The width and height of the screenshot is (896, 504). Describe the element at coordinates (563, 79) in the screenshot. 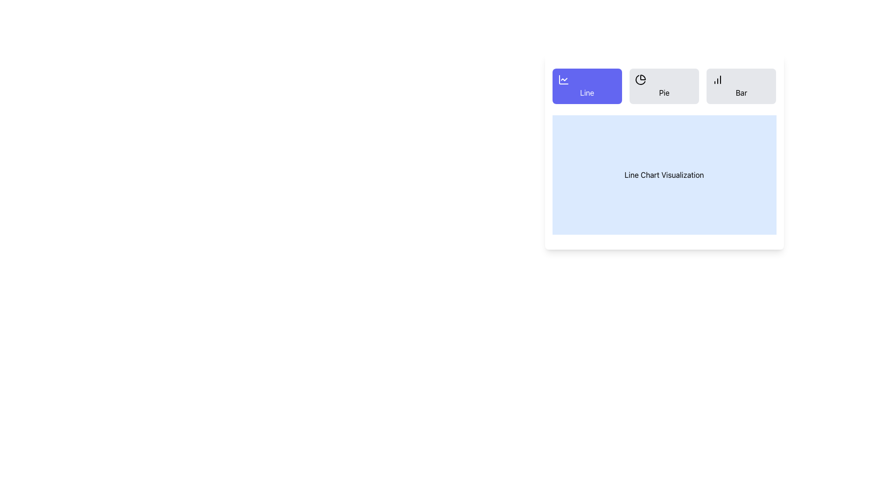

I see `the 'Line' button containing the chart-line SVG icon by clicking on it` at that location.